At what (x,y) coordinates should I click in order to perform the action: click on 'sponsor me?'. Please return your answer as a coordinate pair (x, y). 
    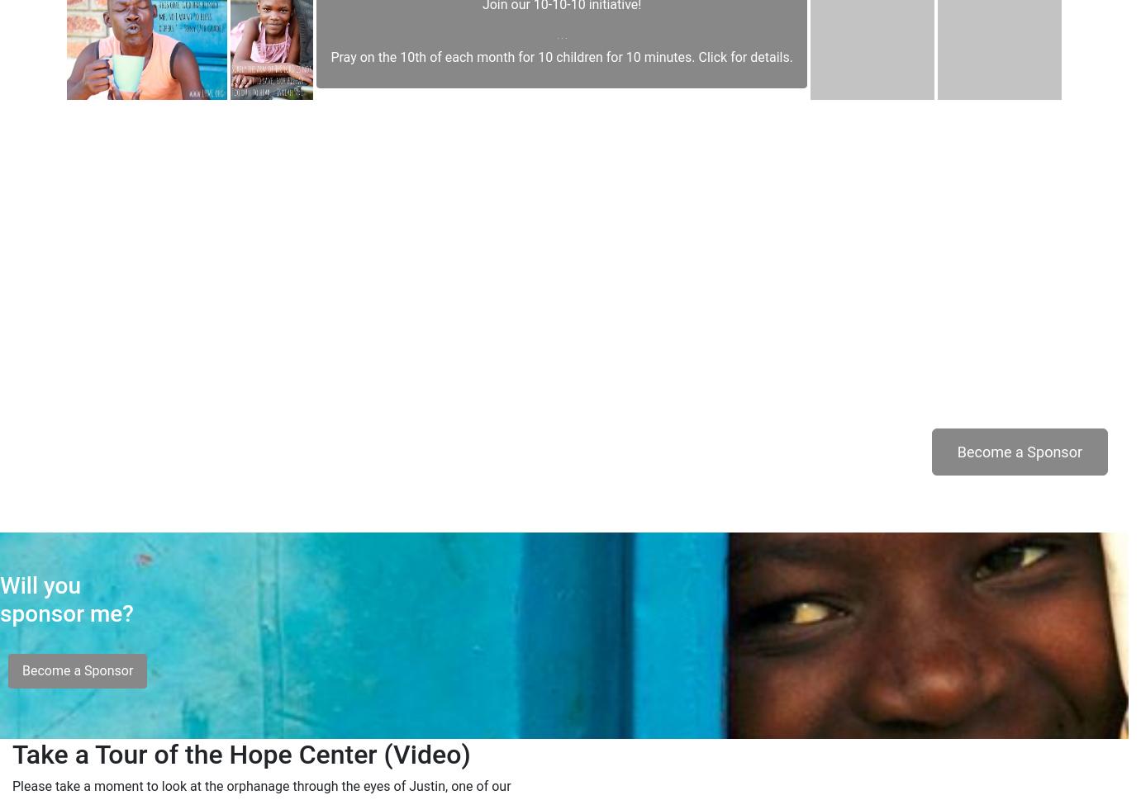
    Looking at the image, I should click on (67, 650).